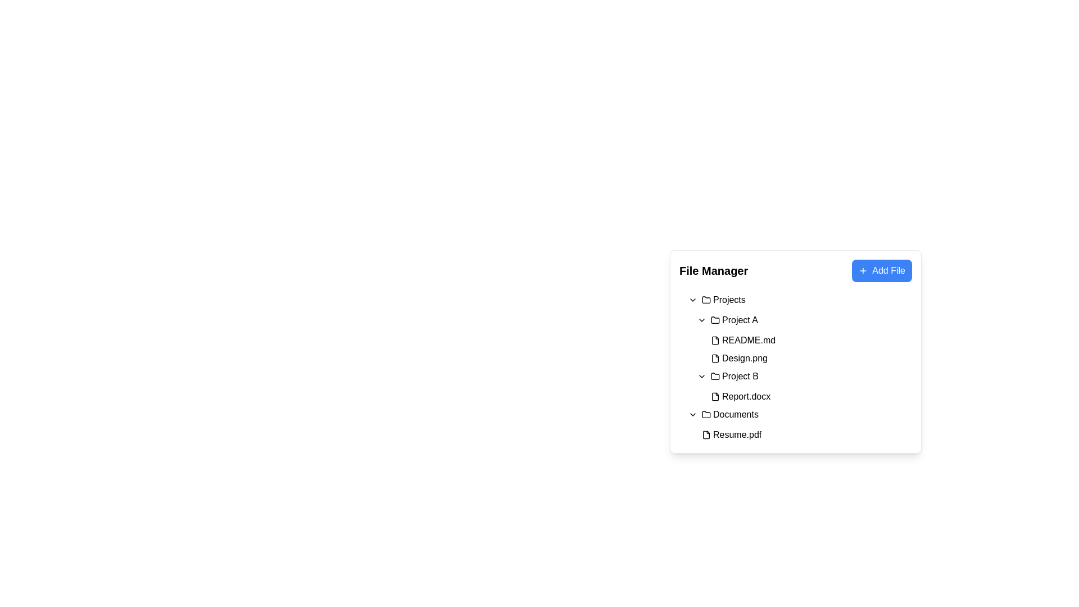 Image resolution: width=1079 pixels, height=607 pixels. Describe the element at coordinates (881, 271) in the screenshot. I see `the 'Add File' button located to the right of the 'File Manager' header` at that location.